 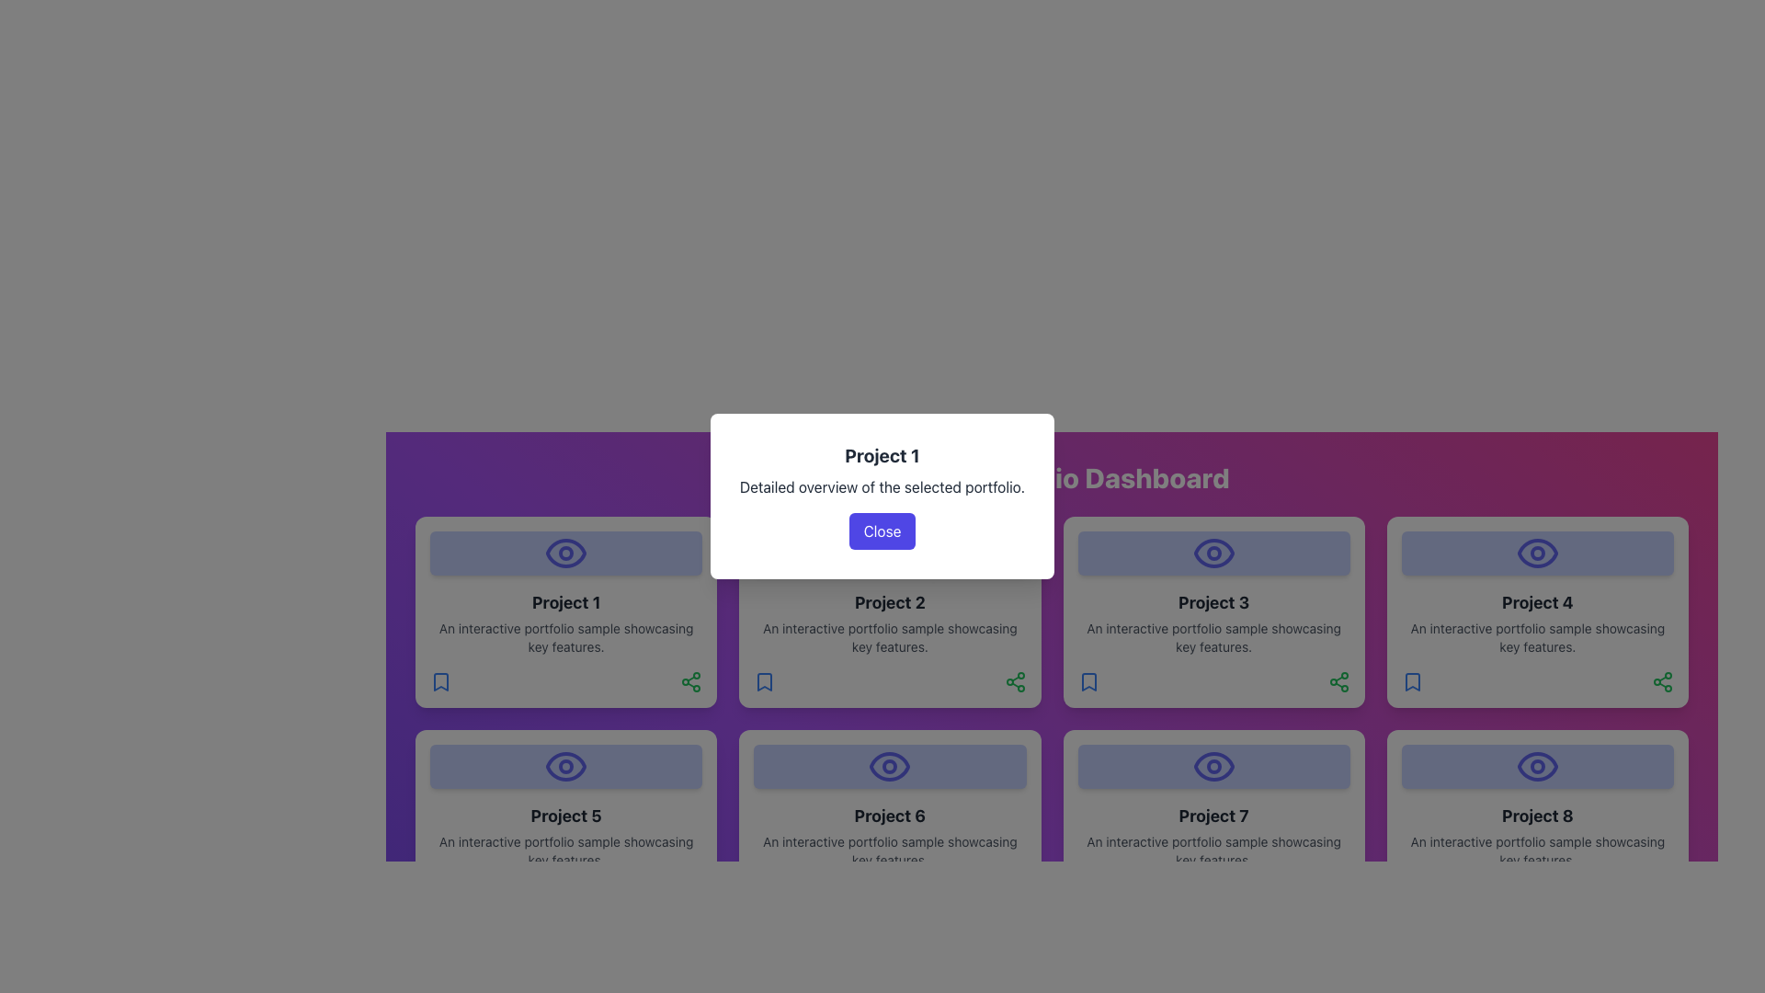 I want to click on the text label that reads 'Project 4', which is styled with a bold font and dark gray color, located in the card layout near the top-middle, so click(x=1537, y=602).